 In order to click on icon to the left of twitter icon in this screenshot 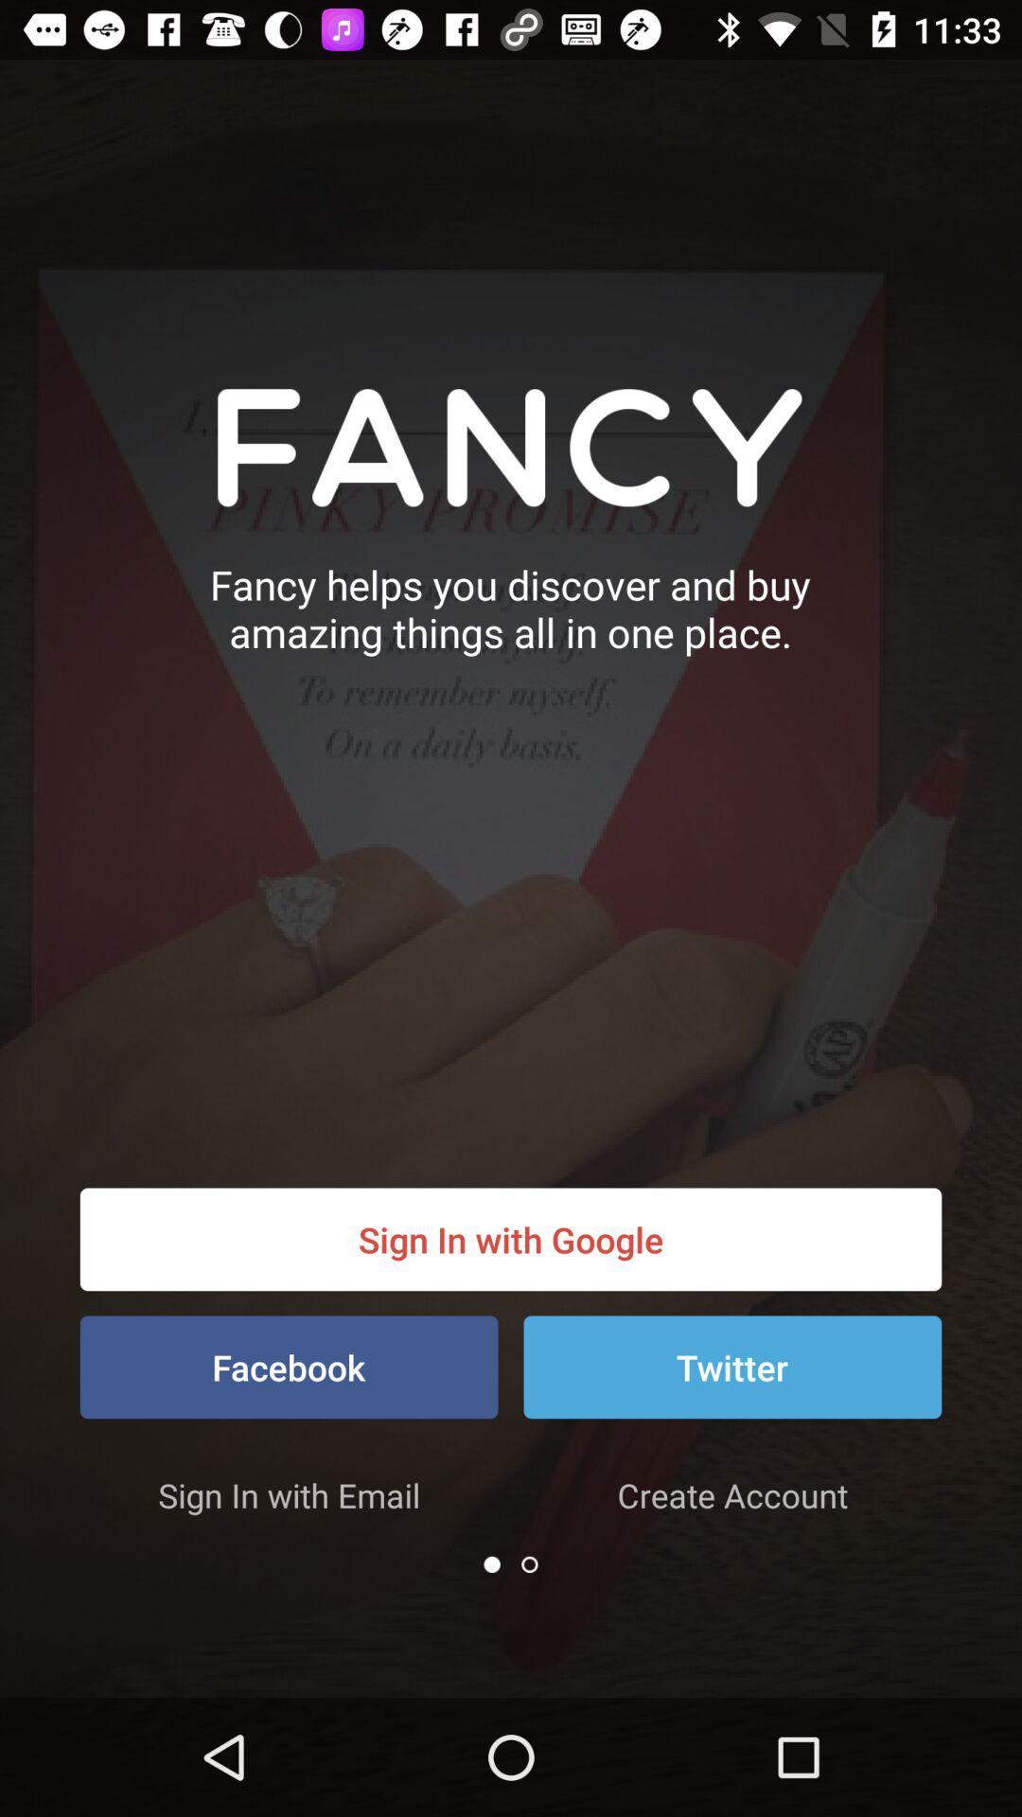, I will do `click(289, 1367)`.